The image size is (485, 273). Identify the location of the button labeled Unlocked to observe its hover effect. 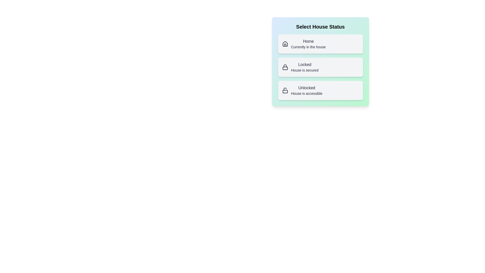
(320, 90).